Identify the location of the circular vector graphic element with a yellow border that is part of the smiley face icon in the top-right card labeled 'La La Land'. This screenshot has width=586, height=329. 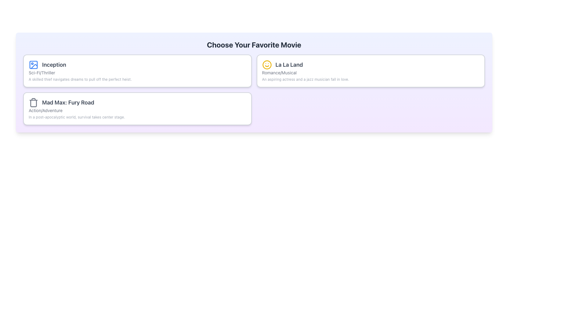
(267, 65).